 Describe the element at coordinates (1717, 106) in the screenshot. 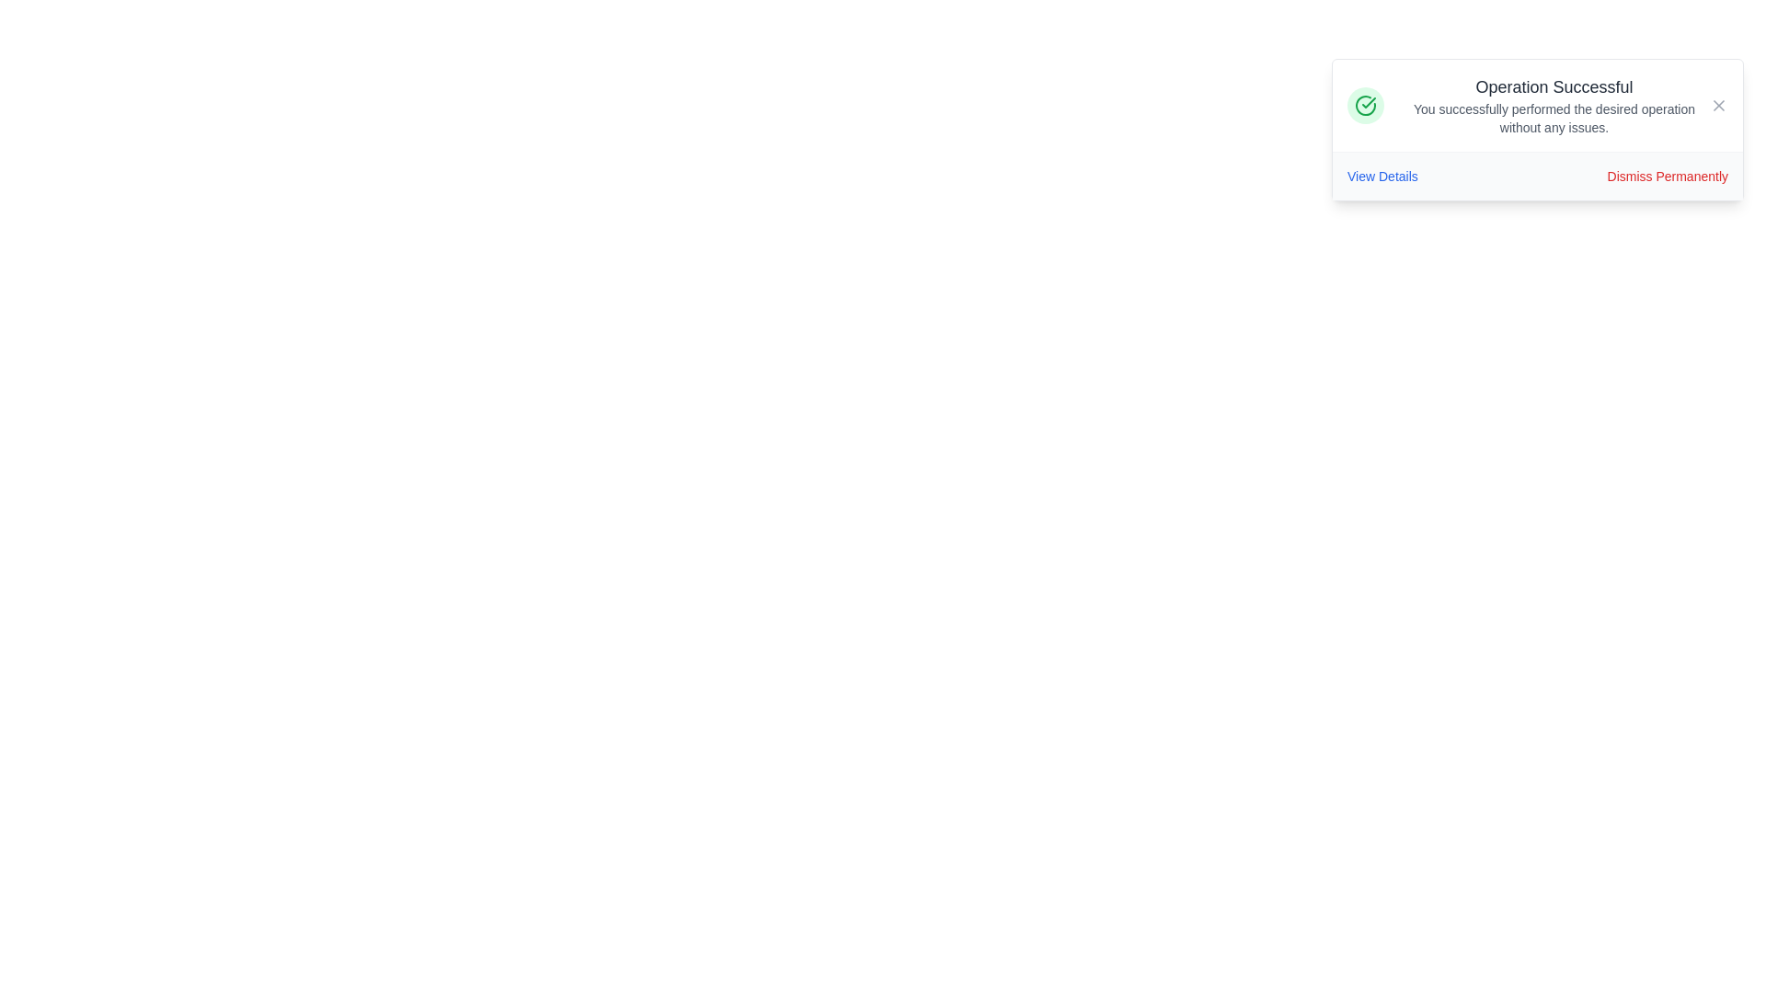

I see `the close icon, represented by a simple stroke-based 'X', located at the top-right corner of the notification panel` at that location.